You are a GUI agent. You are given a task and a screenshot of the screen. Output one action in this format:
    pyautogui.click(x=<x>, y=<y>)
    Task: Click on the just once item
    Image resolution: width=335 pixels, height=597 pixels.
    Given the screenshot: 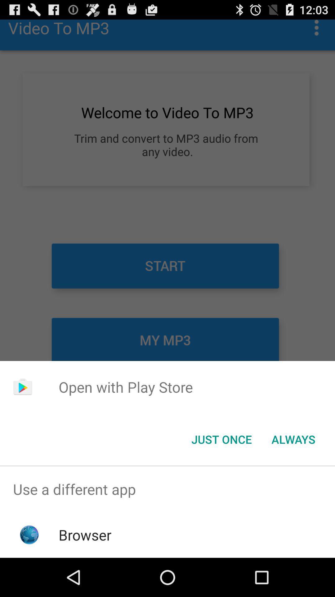 What is the action you would take?
    pyautogui.click(x=221, y=439)
    